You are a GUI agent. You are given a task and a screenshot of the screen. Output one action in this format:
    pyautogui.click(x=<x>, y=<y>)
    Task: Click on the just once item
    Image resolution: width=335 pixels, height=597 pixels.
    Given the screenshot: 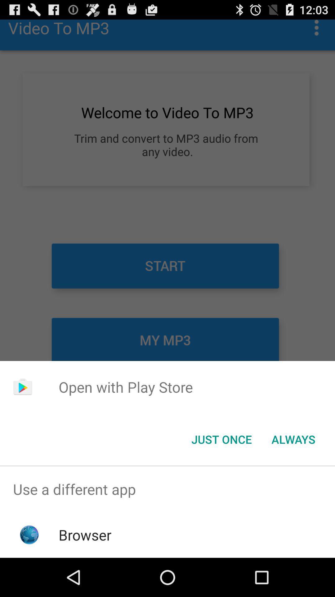 What is the action you would take?
    pyautogui.click(x=221, y=439)
    